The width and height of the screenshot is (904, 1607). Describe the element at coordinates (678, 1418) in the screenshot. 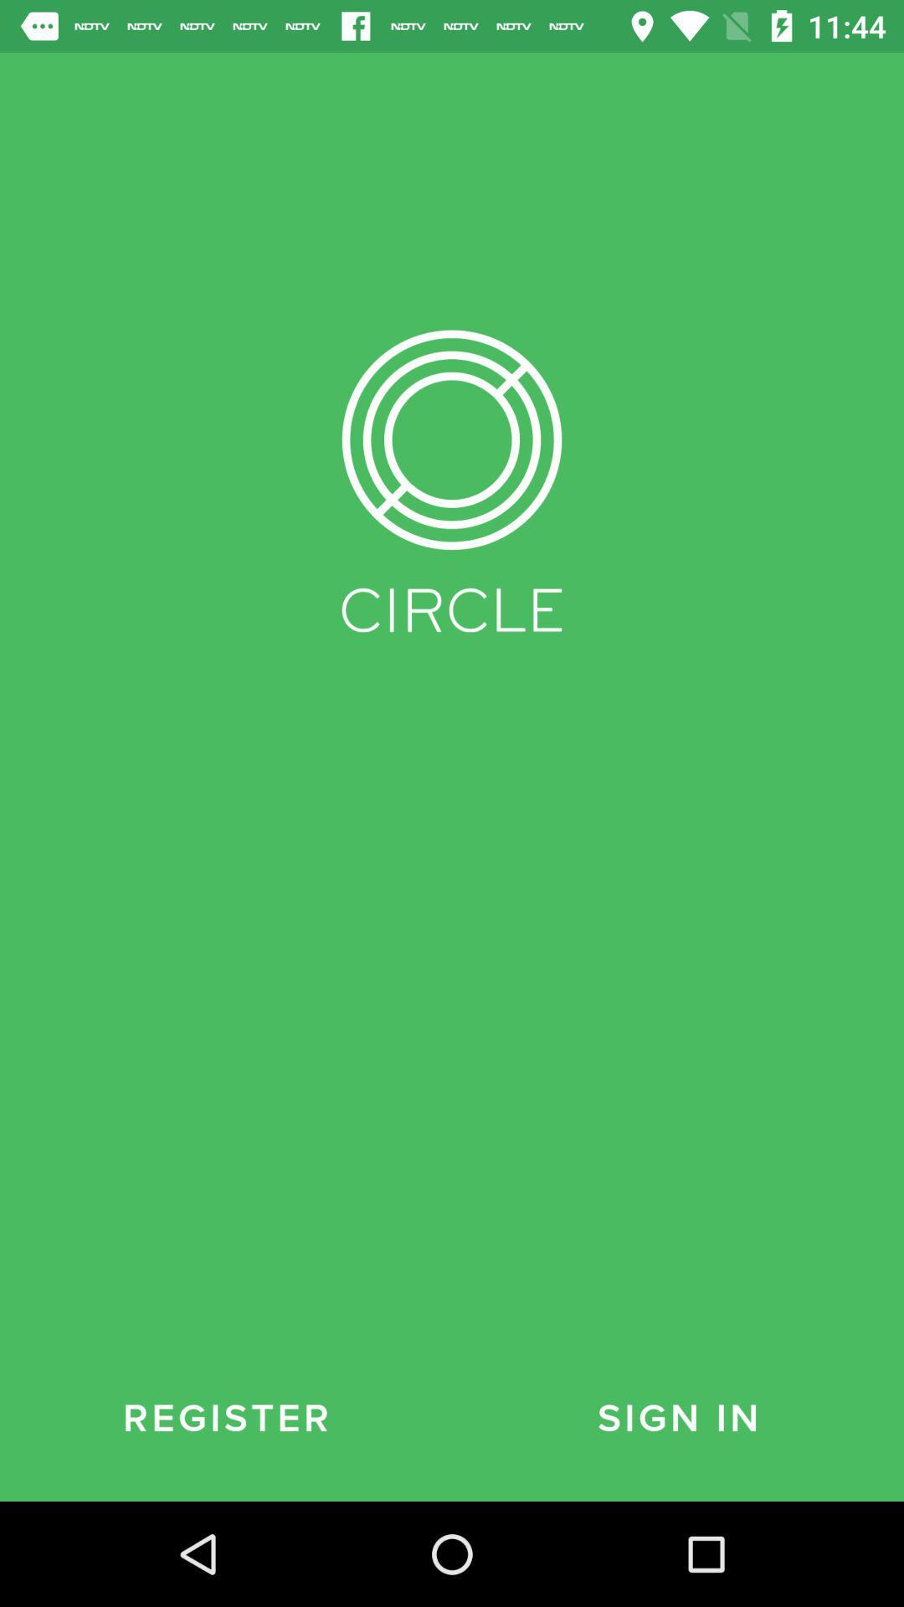

I see `the item next to register` at that location.